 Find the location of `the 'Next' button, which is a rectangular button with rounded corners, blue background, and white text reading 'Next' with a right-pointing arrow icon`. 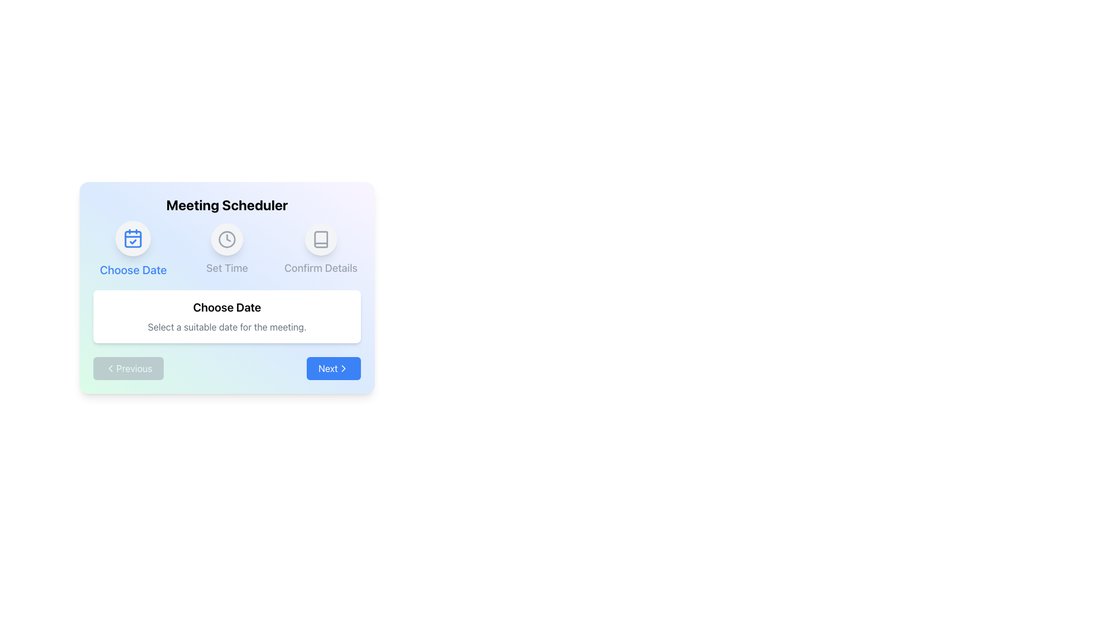

the 'Next' button, which is a rectangular button with rounded corners, blue background, and white text reading 'Next' with a right-pointing arrow icon is located at coordinates (333, 369).